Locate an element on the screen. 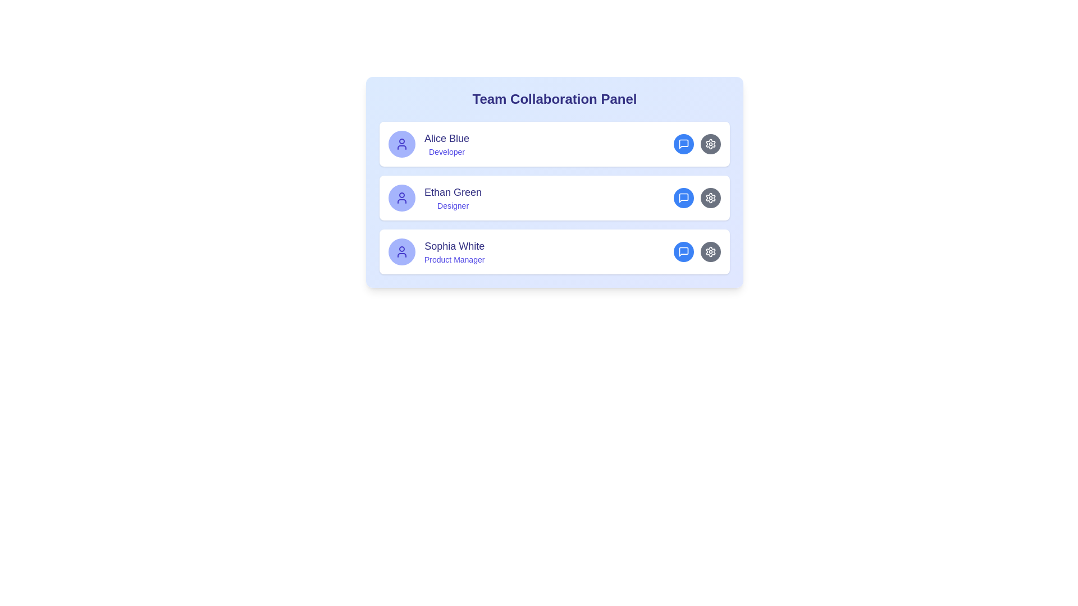 The width and height of the screenshot is (1078, 606). the gear icon located is located at coordinates (710, 251).